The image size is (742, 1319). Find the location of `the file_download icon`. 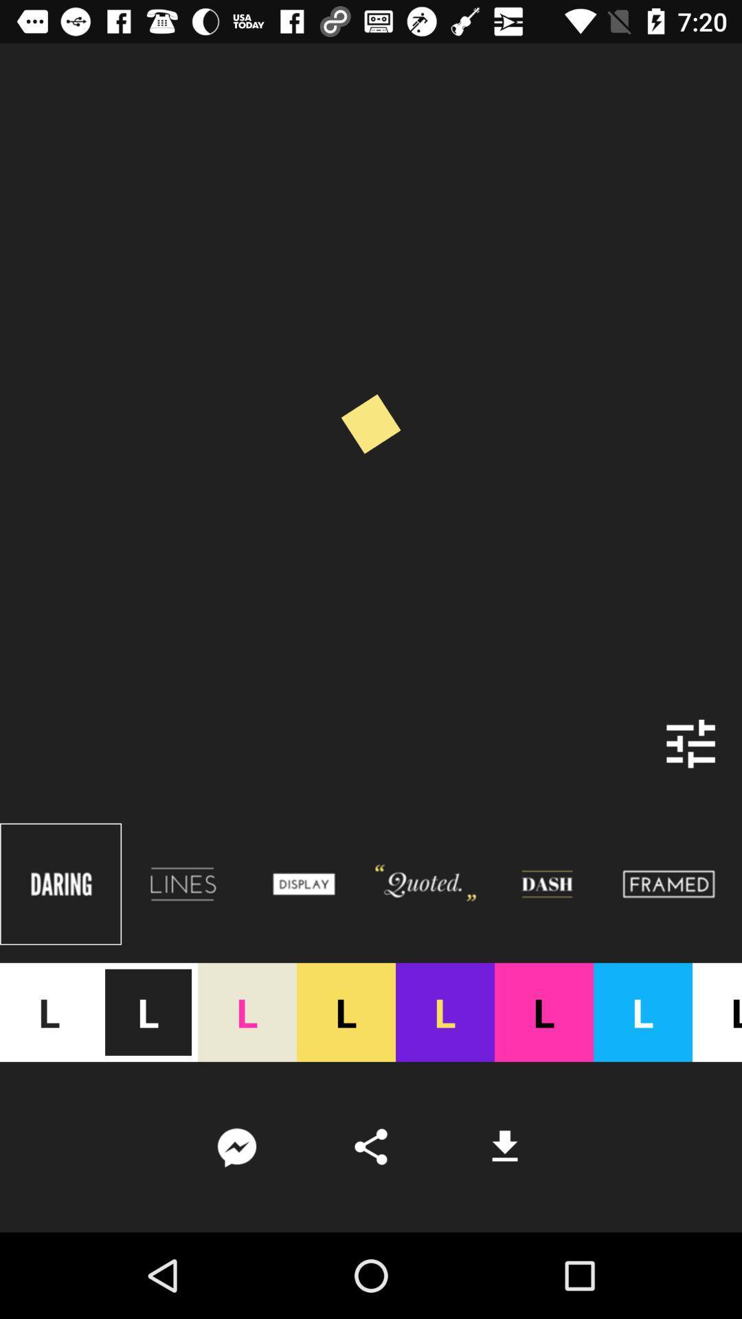

the file_download icon is located at coordinates (505, 1147).